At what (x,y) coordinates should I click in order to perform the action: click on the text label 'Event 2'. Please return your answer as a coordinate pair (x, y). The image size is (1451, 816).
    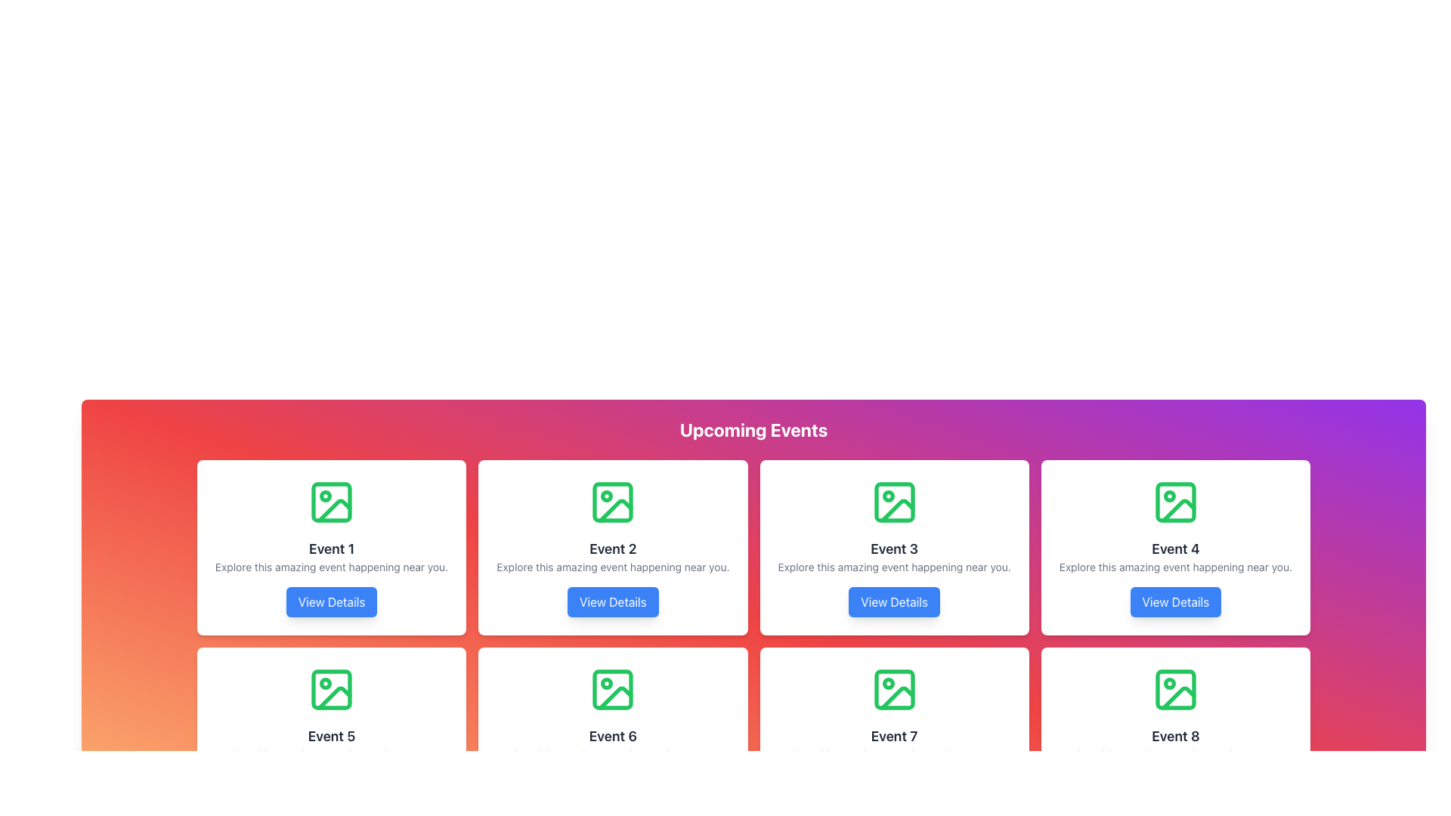
    Looking at the image, I should click on (613, 549).